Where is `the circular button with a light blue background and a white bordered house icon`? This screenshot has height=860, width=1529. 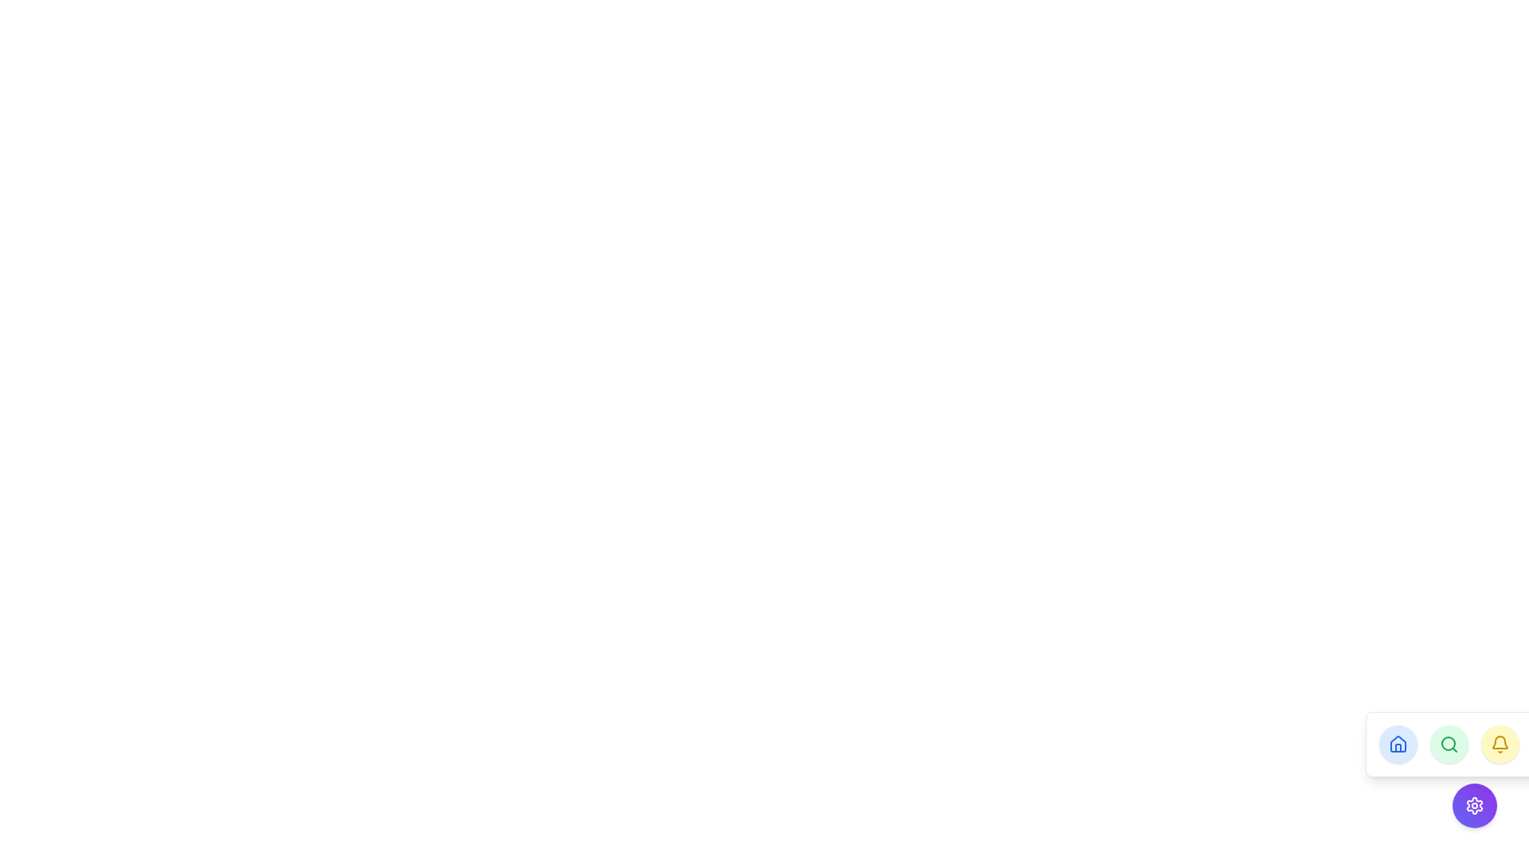
the circular button with a light blue background and a white bordered house icon is located at coordinates (1398, 744).